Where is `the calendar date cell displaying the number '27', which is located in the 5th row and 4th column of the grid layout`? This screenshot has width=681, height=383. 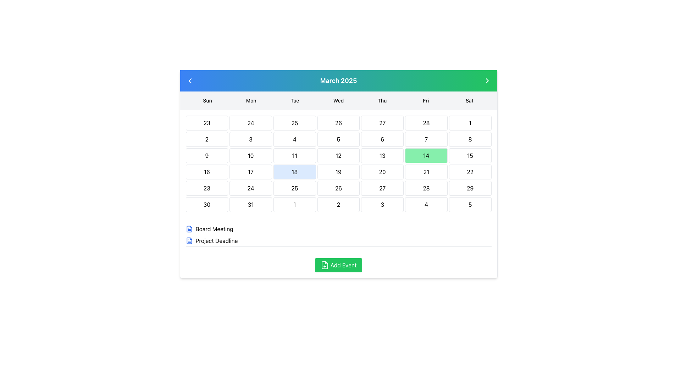 the calendar date cell displaying the number '27', which is located in the 5th row and 4th column of the grid layout is located at coordinates (382, 188).